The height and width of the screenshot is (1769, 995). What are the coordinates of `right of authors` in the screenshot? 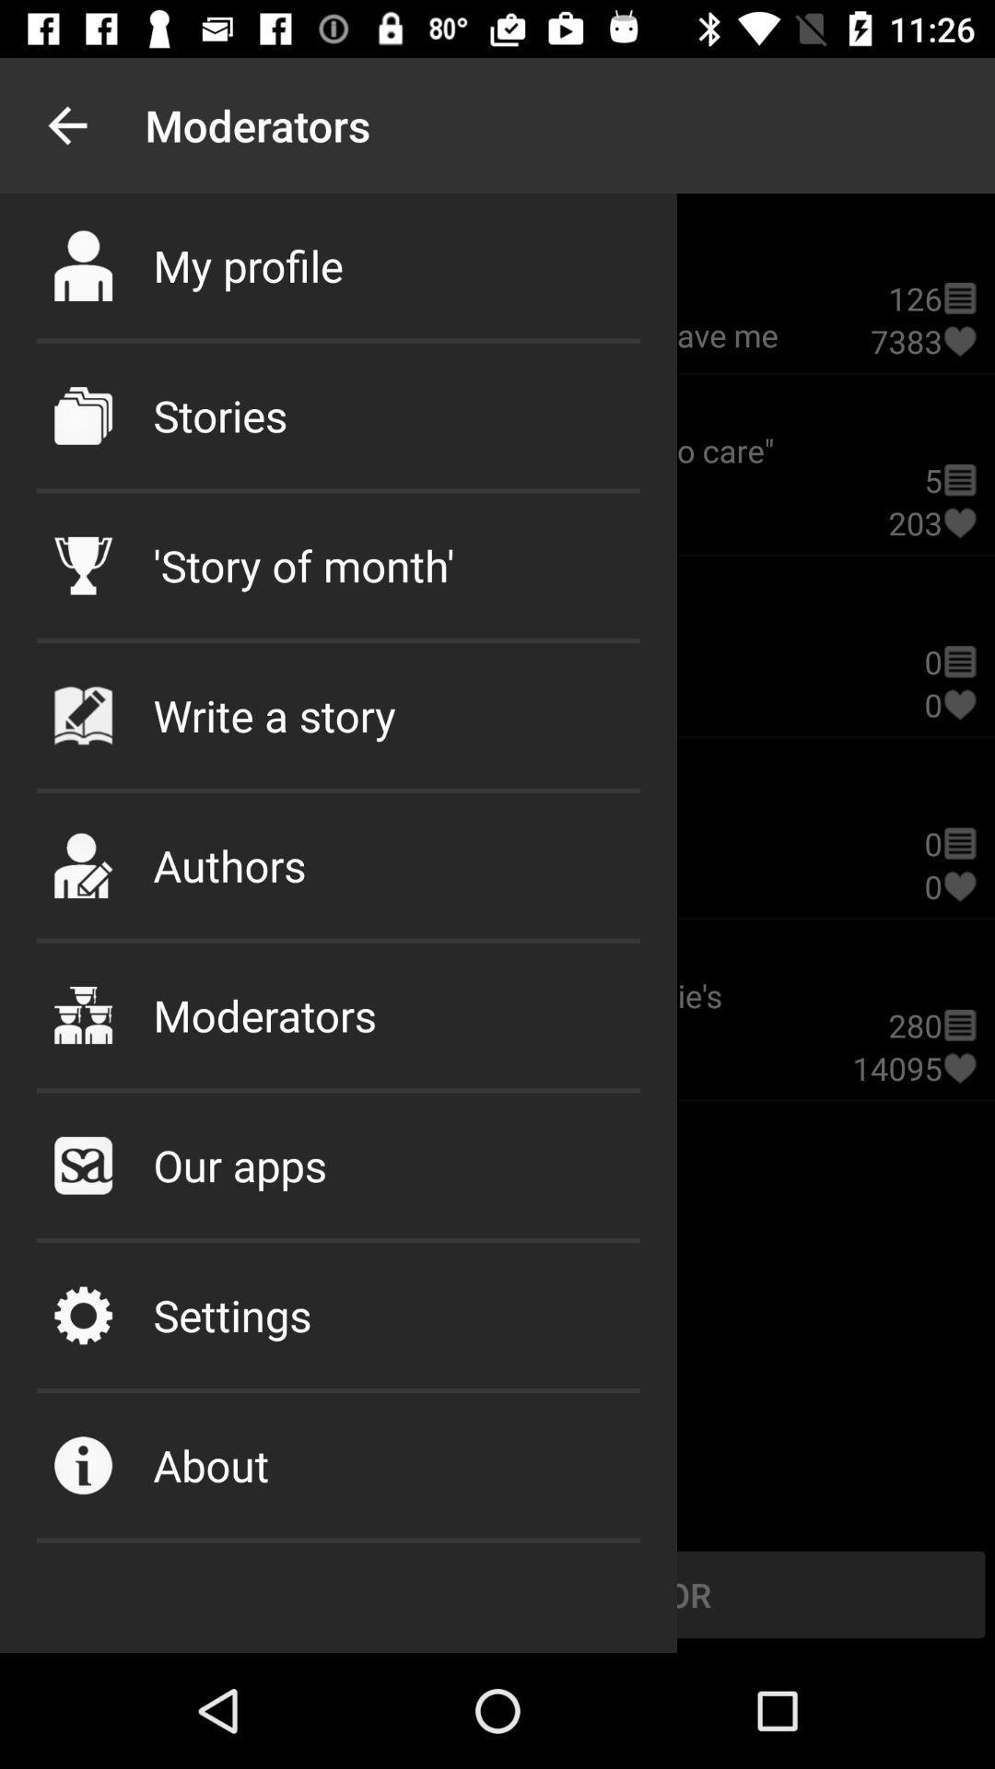 It's located at (958, 886).